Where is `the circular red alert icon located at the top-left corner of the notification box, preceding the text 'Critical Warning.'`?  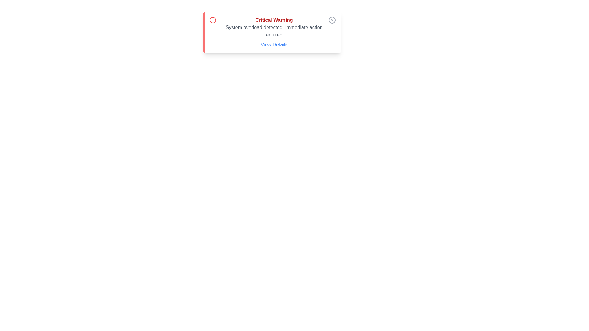
the circular red alert icon located at the top-left corner of the notification box, preceding the text 'Critical Warning.' is located at coordinates (213, 20).